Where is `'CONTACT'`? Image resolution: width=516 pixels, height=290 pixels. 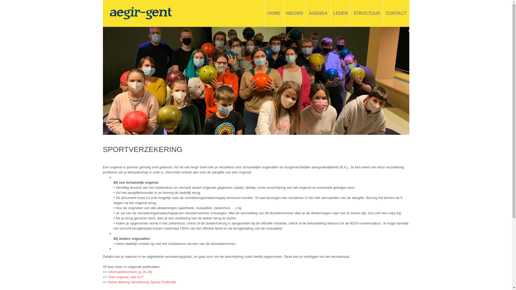
'CONTACT' is located at coordinates (396, 13).